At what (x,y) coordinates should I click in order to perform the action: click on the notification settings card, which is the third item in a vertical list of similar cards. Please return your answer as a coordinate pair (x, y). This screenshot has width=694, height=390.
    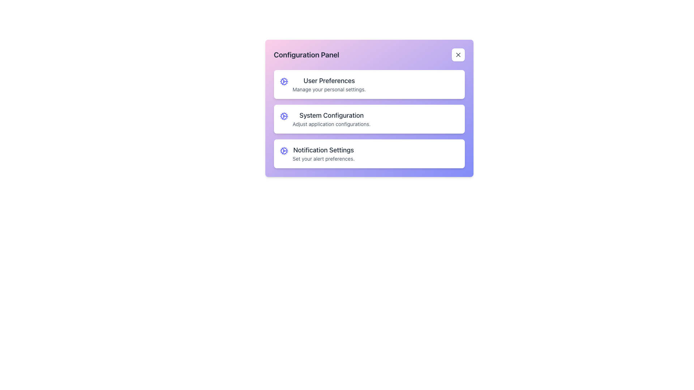
    Looking at the image, I should click on (369, 153).